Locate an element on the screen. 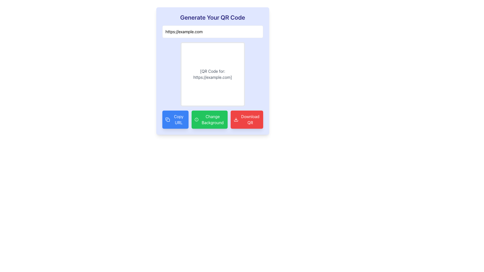 This screenshot has height=272, width=484. the button that changes the background of the QR code, located between the 'Copy URL' button and the 'Download QR' button is located at coordinates (209, 119).